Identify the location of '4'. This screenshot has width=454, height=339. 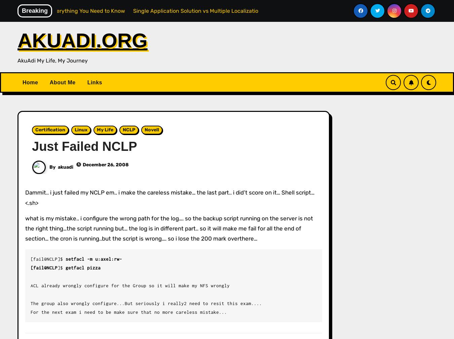
(412, 85).